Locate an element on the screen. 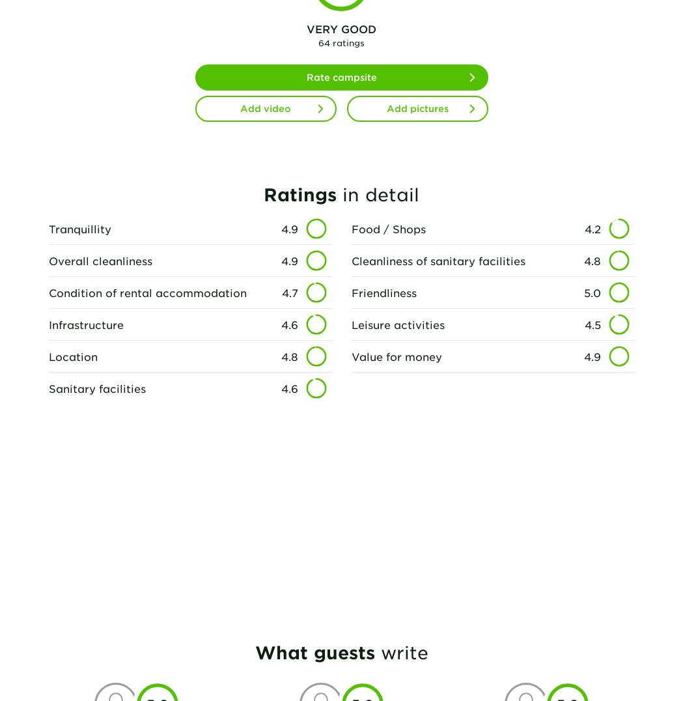 Image resolution: width=683 pixels, height=701 pixels. 'in detail' is located at coordinates (377, 193).